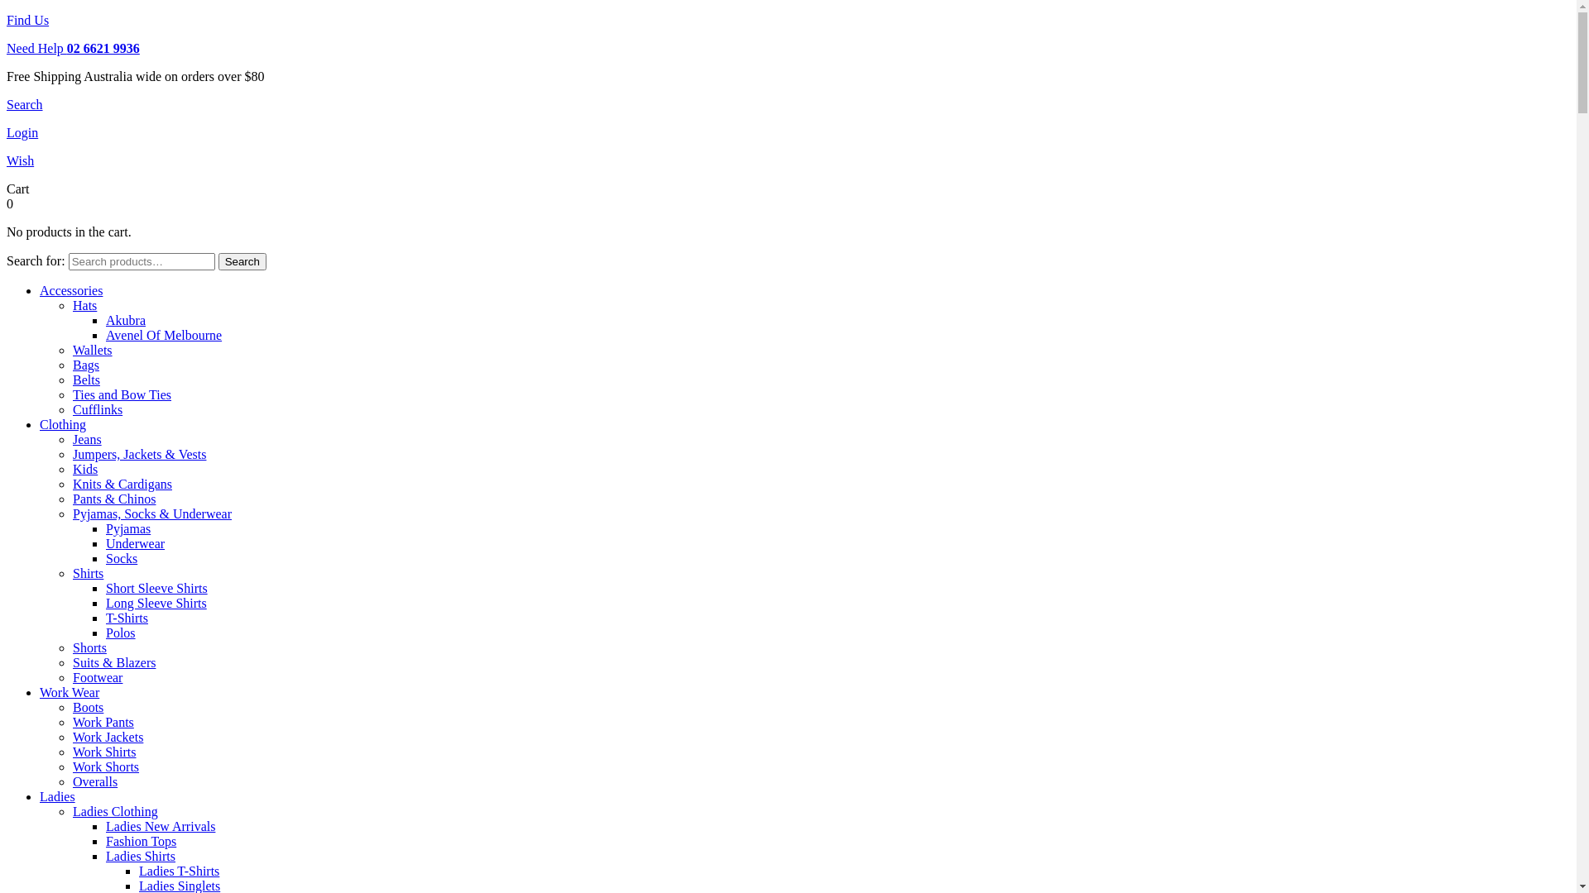  I want to click on 'Ties and Bow Ties', so click(121, 394).